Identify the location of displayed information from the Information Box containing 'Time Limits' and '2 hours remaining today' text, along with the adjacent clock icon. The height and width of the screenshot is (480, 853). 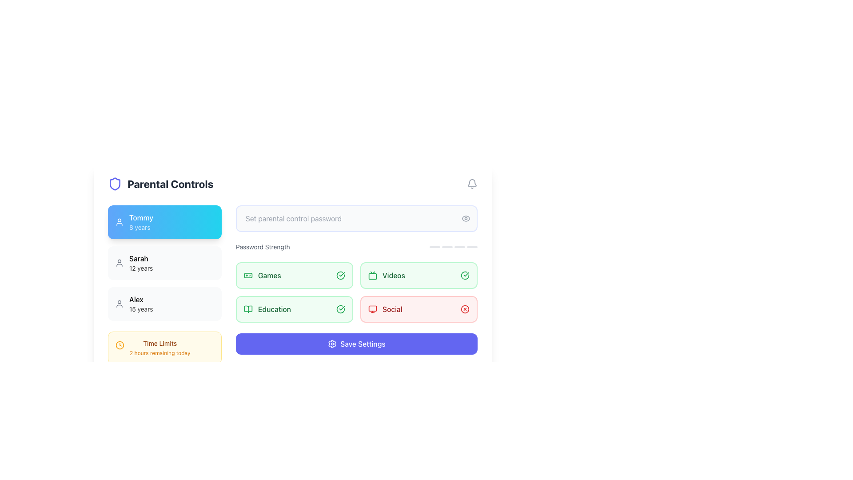
(164, 348).